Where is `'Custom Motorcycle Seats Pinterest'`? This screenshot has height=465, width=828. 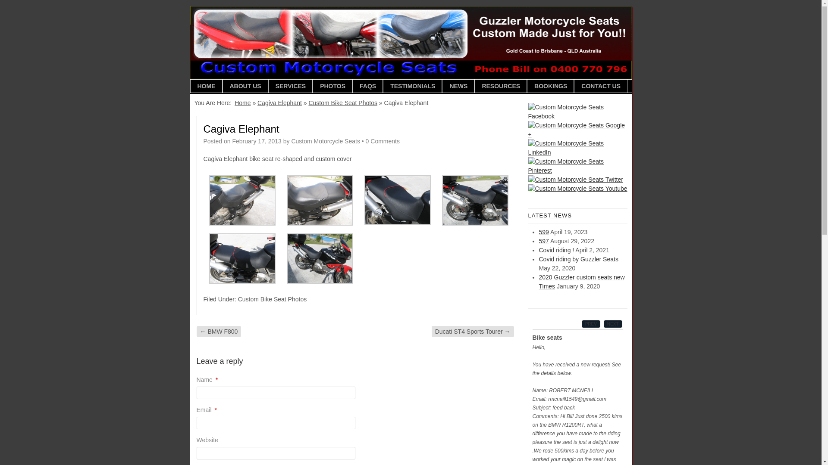
'Custom Motorcycle Seats Pinterest' is located at coordinates (527, 166).